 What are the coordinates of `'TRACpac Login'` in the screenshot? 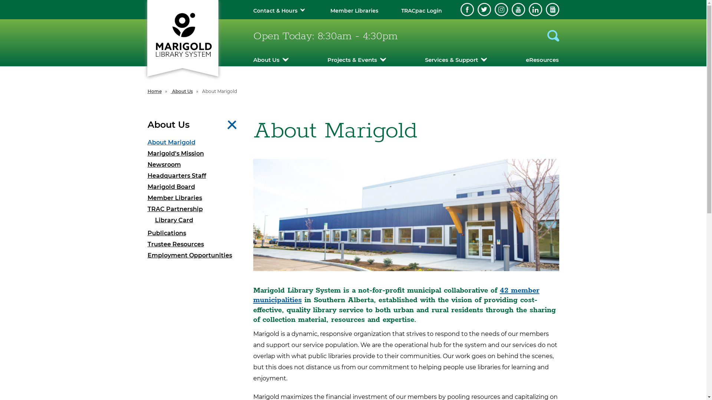 It's located at (422, 11).